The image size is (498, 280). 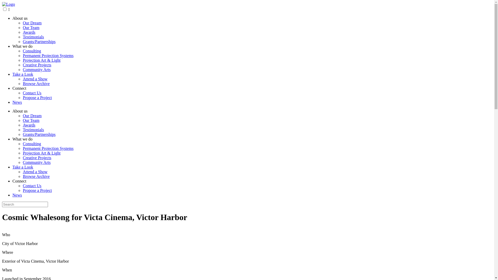 I want to click on 'Testimonials', so click(x=33, y=129).